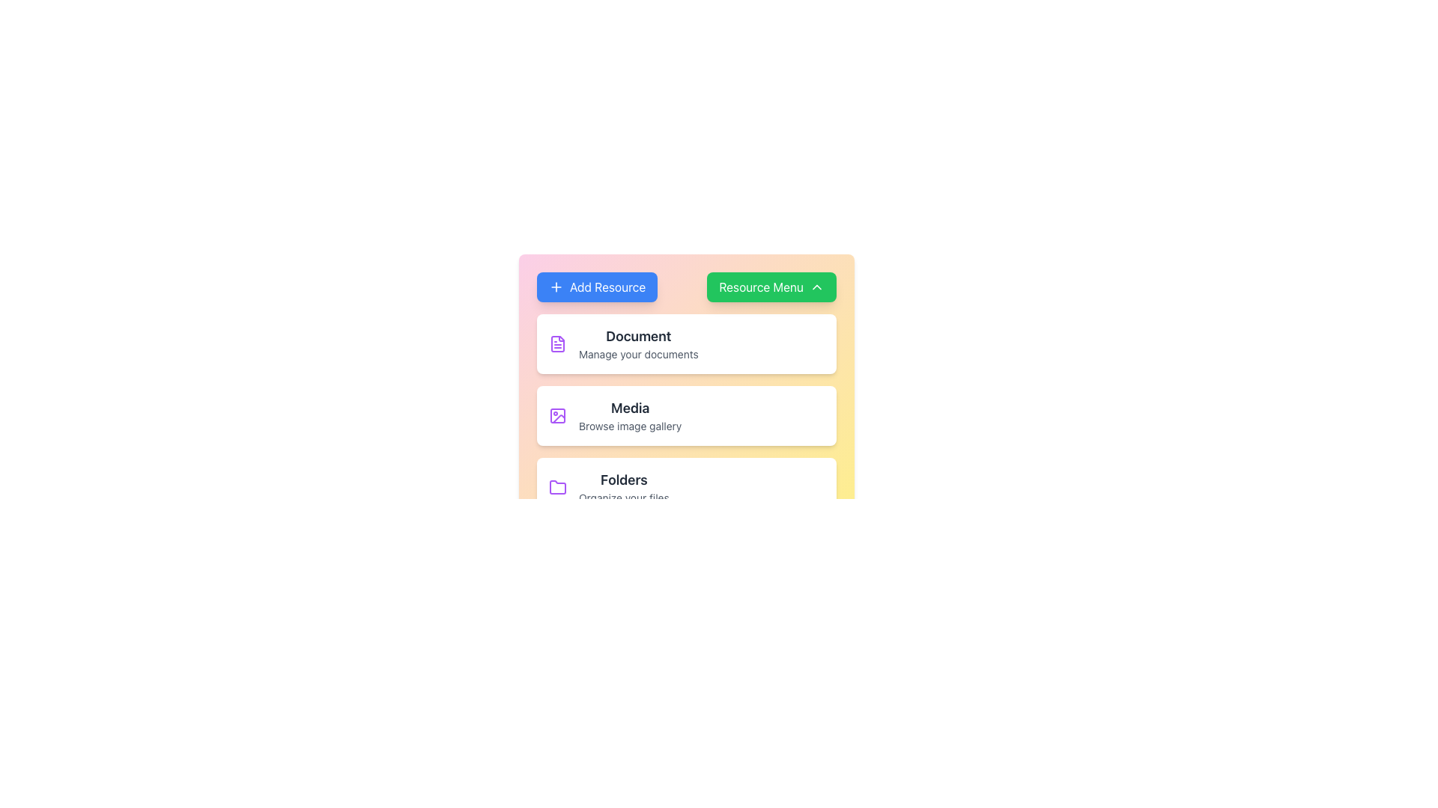  What do you see at coordinates (685, 415) in the screenshot?
I see `the second interactive card or button in the media section` at bounding box center [685, 415].